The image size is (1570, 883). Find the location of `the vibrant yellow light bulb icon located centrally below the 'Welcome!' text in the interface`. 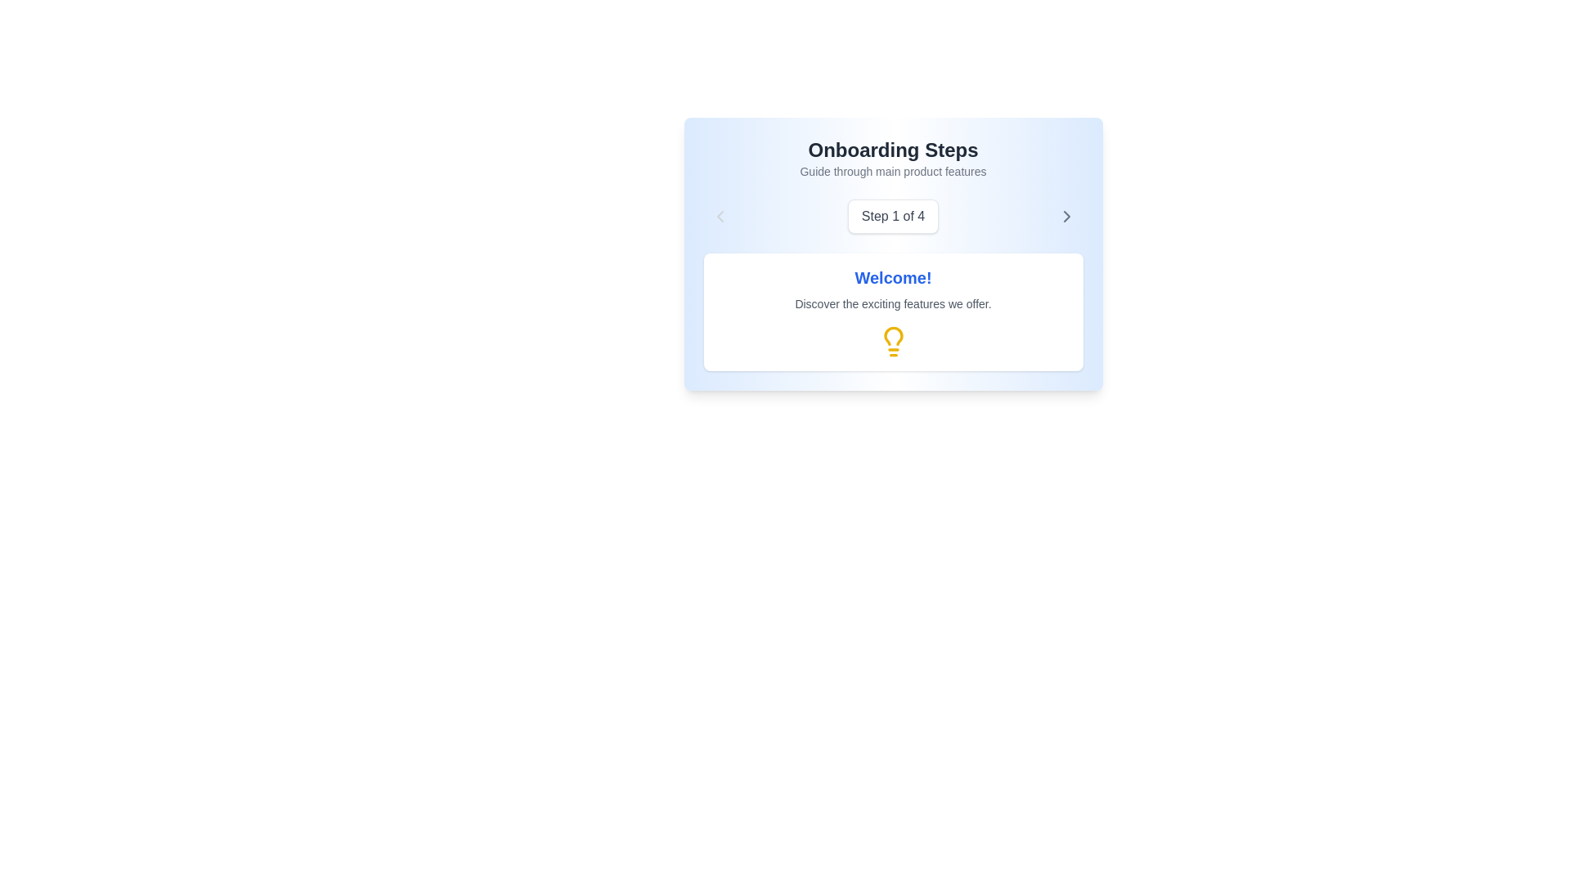

the vibrant yellow light bulb icon located centrally below the 'Welcome!' text in the interface is located at coordinates (892, 340).